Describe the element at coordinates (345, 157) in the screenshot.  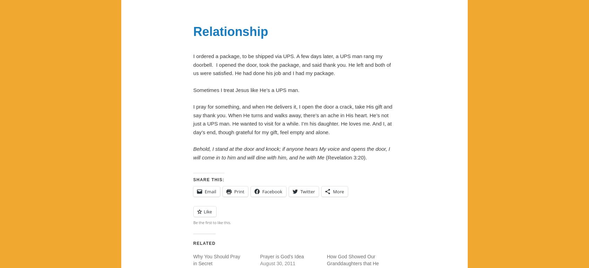
I see `'(Revelation 3:20).'` at that location.